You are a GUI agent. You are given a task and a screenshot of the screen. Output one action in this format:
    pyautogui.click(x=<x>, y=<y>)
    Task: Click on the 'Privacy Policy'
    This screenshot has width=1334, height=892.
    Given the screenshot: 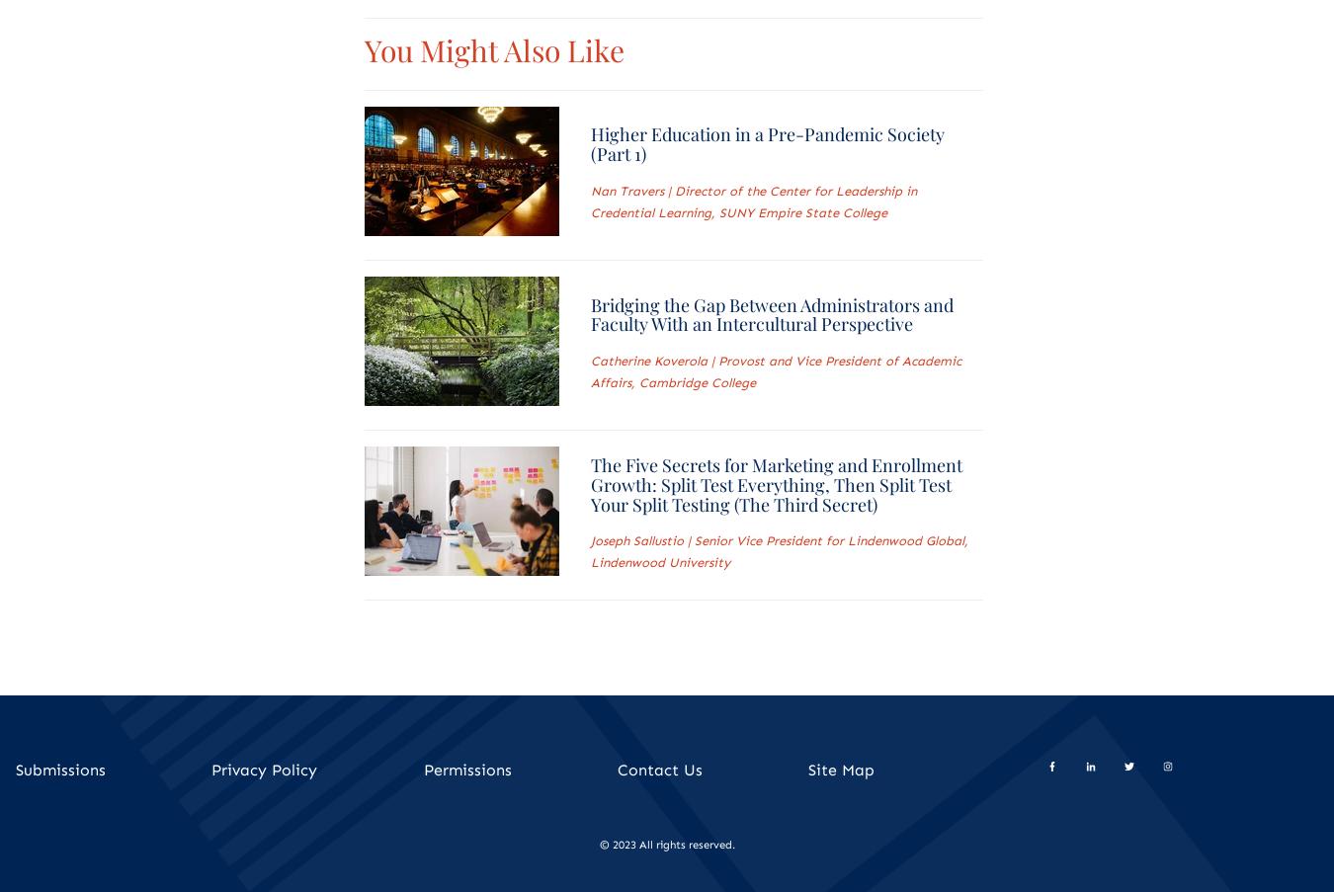 What is the action you would take?
    pyautogui.click(x=263, y=769)
    